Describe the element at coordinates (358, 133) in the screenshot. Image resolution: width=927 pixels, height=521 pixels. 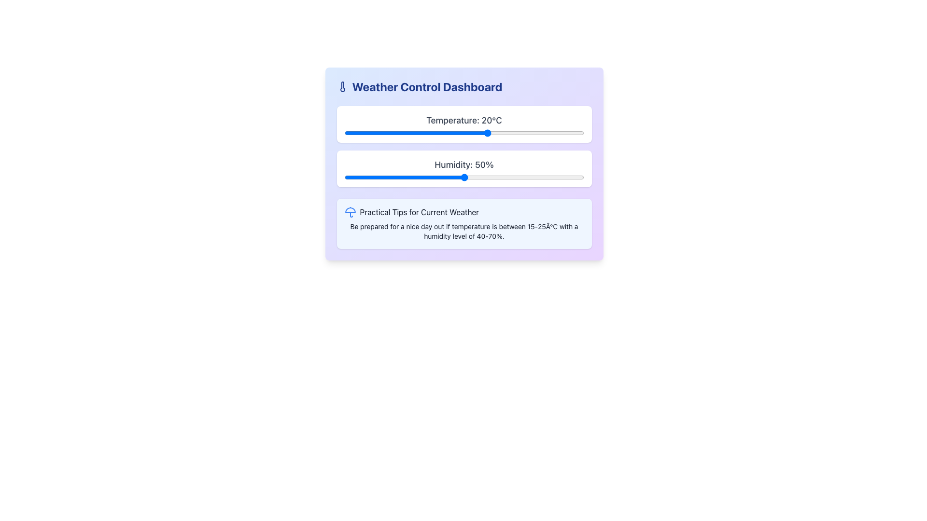
I see `the temperature` at that location.